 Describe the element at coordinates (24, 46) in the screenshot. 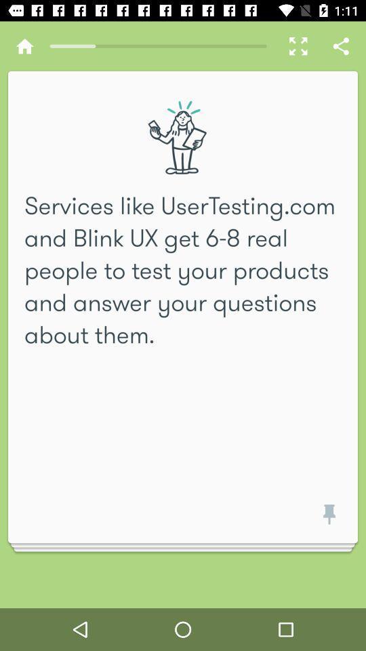

I see `the home icon` at that location.